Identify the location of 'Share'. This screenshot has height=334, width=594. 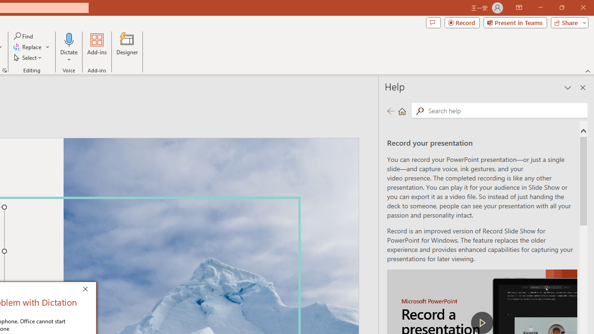
(567, 22).